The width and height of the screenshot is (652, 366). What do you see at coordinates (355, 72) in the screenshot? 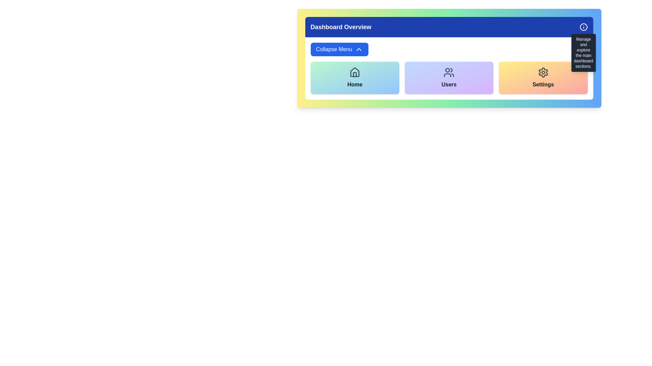
I see `the house-shaped icon located in the Home button area` at bounding box center [355, 72].